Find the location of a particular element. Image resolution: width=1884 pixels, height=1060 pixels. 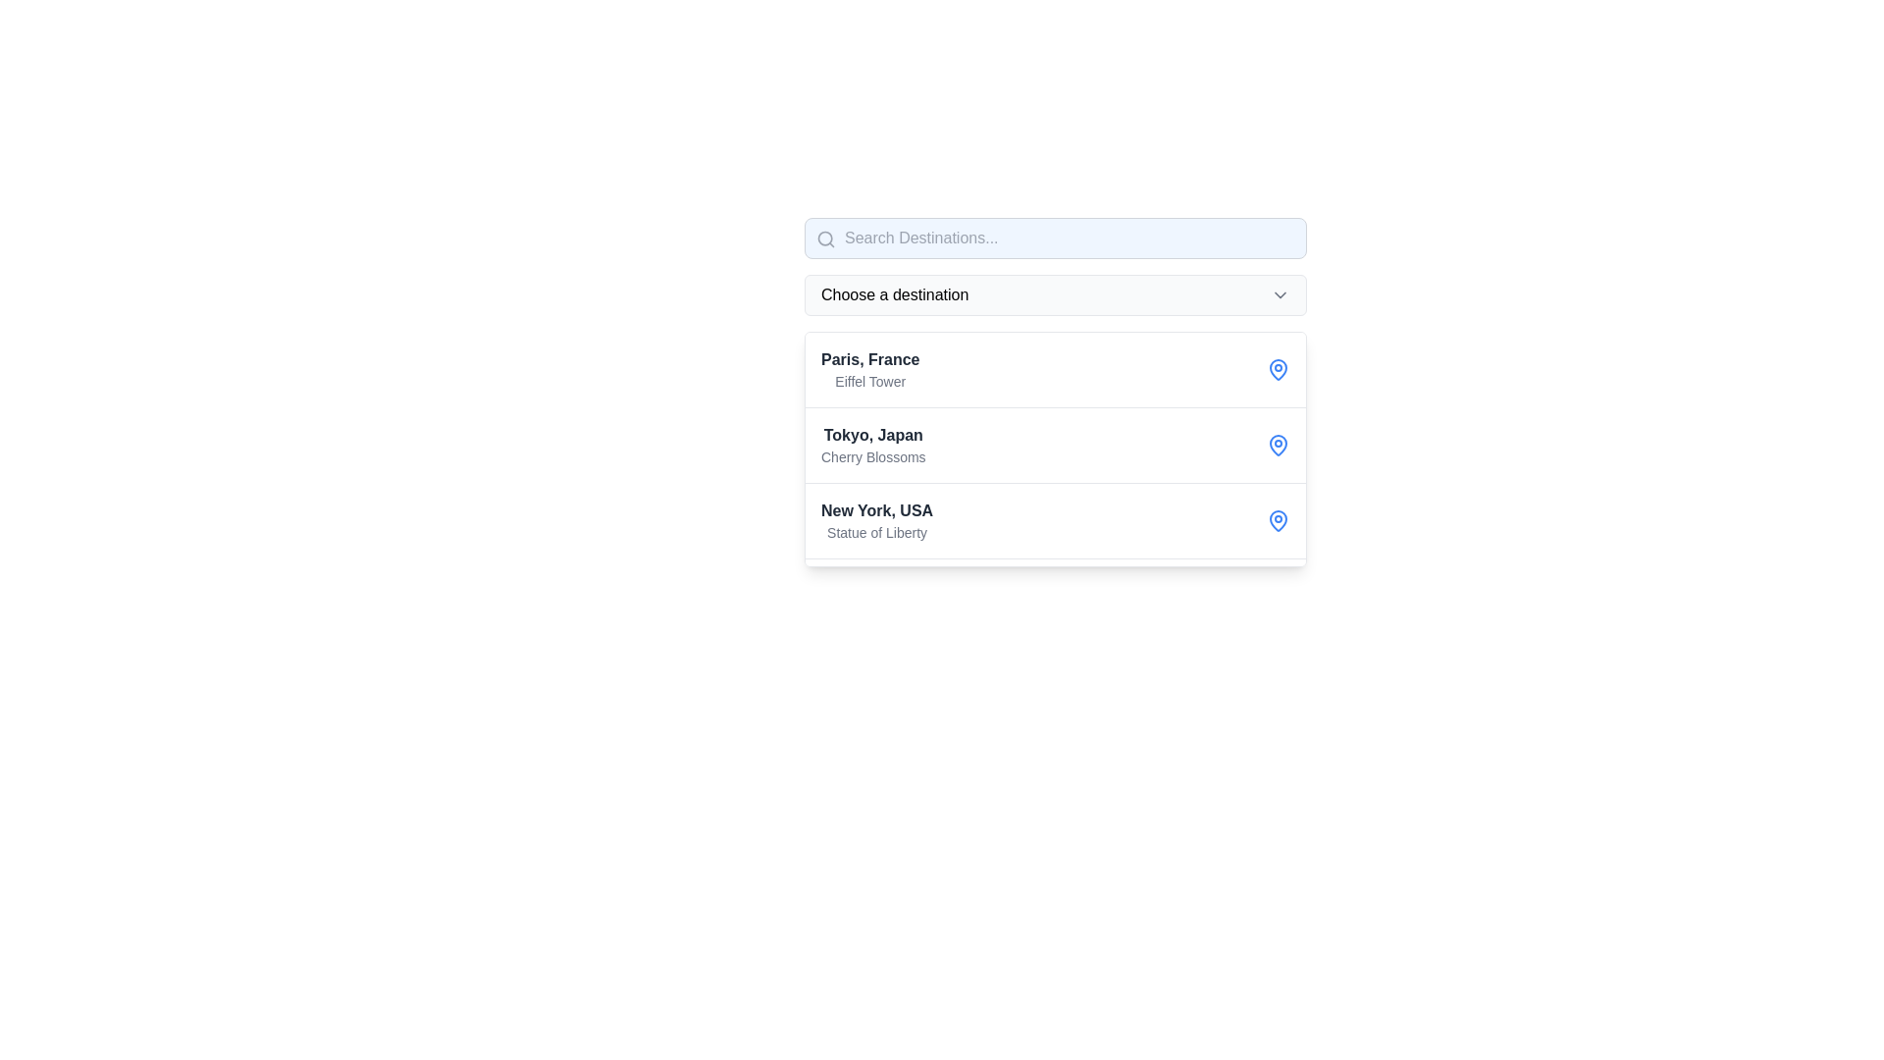

the downward-facing chevron icon located at the far right of the 'Choose a destination' field is located at coordinates (1281, 294).